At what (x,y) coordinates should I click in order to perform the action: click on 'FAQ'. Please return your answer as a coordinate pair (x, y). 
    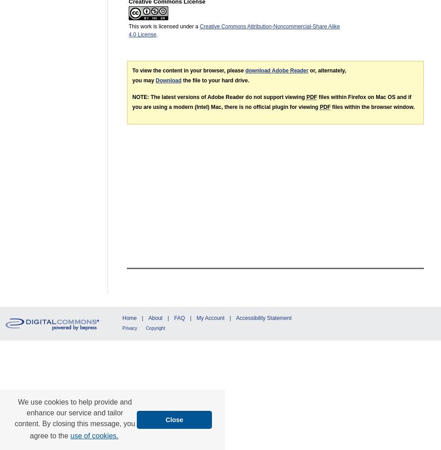
    Looking at the image, I should click on (179, 317).